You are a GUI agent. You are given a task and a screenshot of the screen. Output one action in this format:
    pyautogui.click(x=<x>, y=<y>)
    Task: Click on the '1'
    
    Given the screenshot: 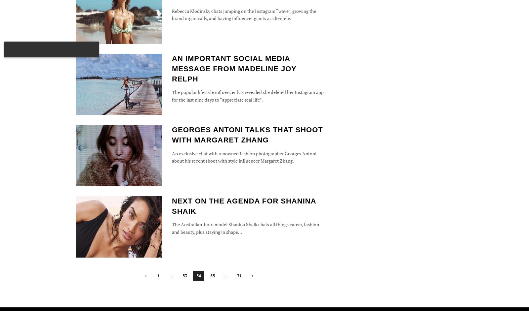 What is the action you would take?
    pyautogui.click(x=158, y=275)
    